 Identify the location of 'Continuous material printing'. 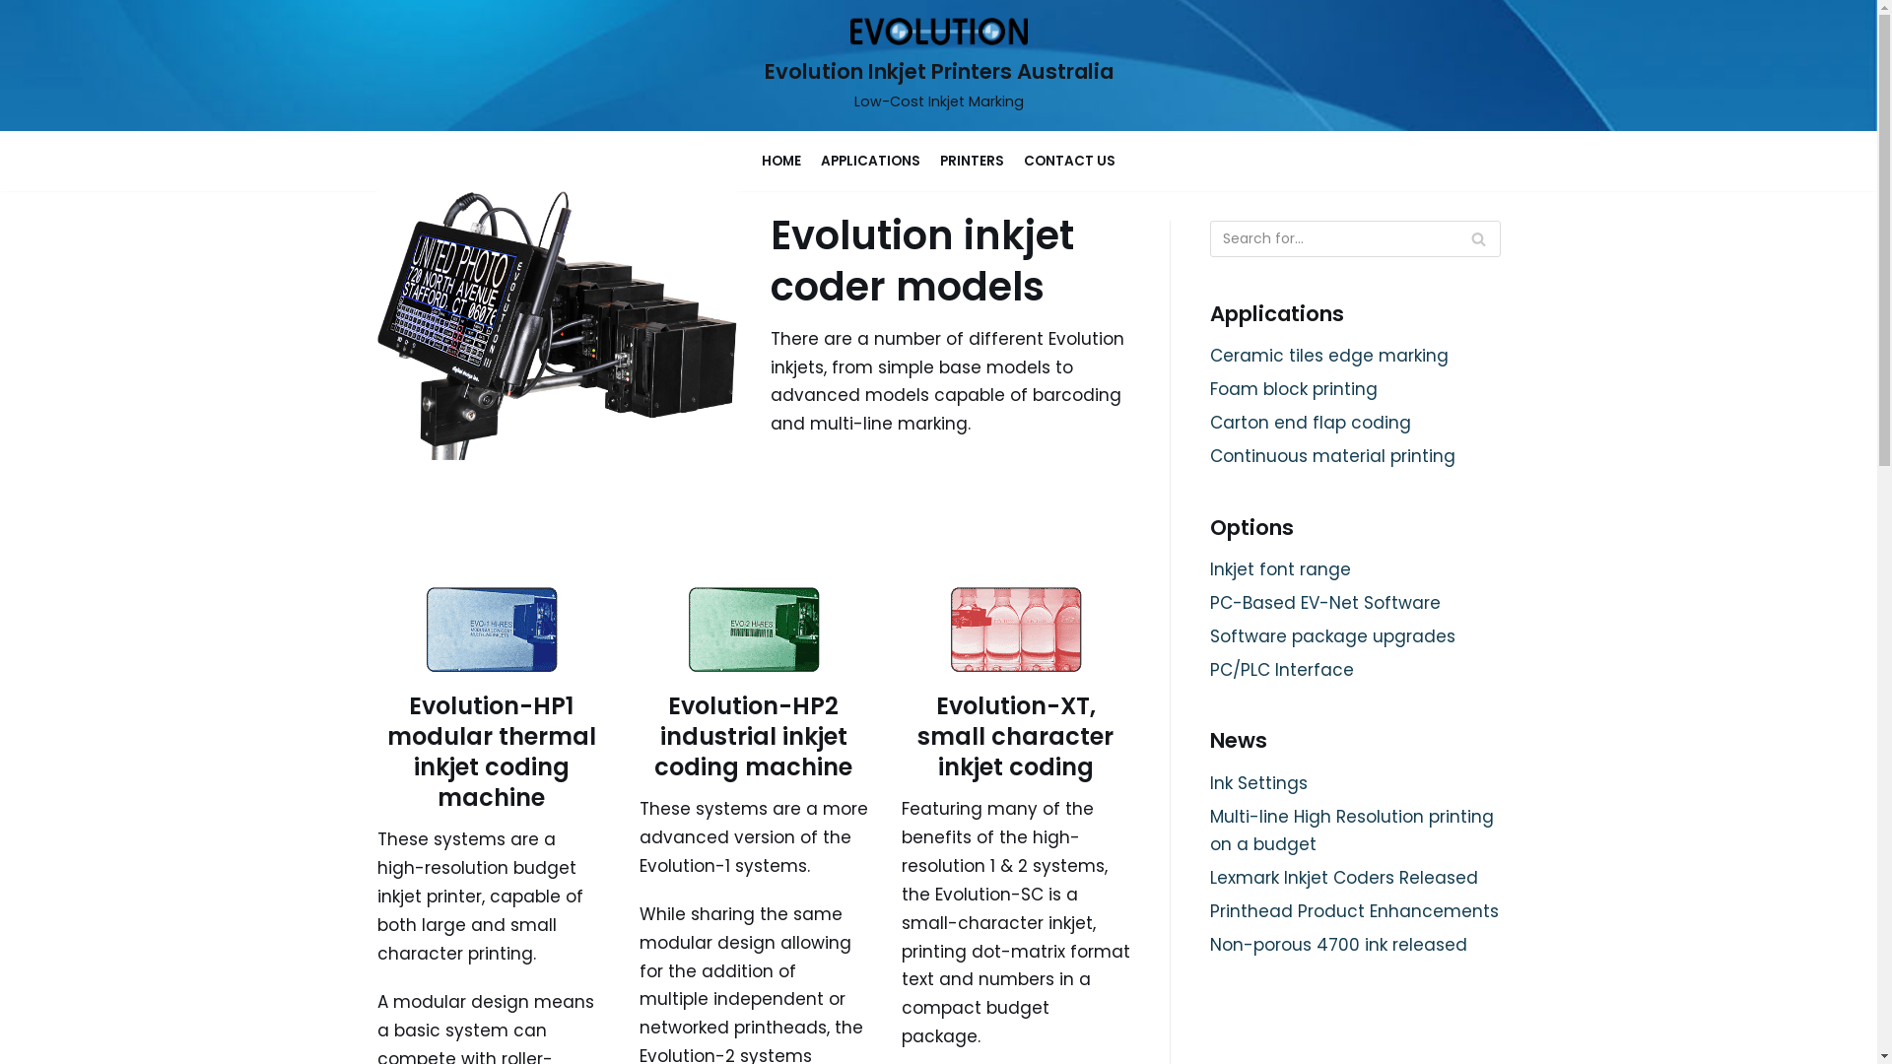
(1332, 455).